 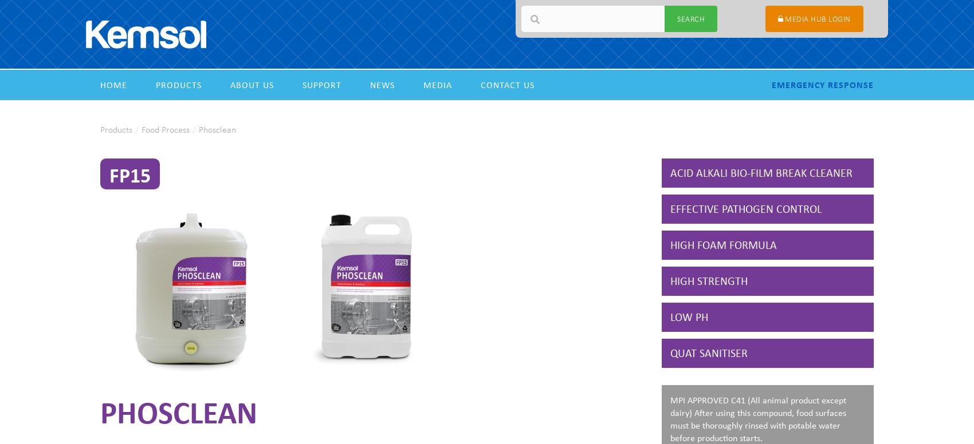 What do you see at coordinates (758, 418) in the screenshot?
I see `'MPI APPROVED C41 
(All animal product except dairy)
After using this compound, food surfaces must be thoroughly rinsed with potable water before production starts.'` at bounding box center [758, 418].